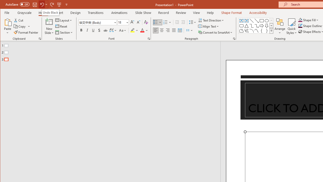 This screenshot has height=182, width=323. I want to click on 'Paste', so click(8, 21).